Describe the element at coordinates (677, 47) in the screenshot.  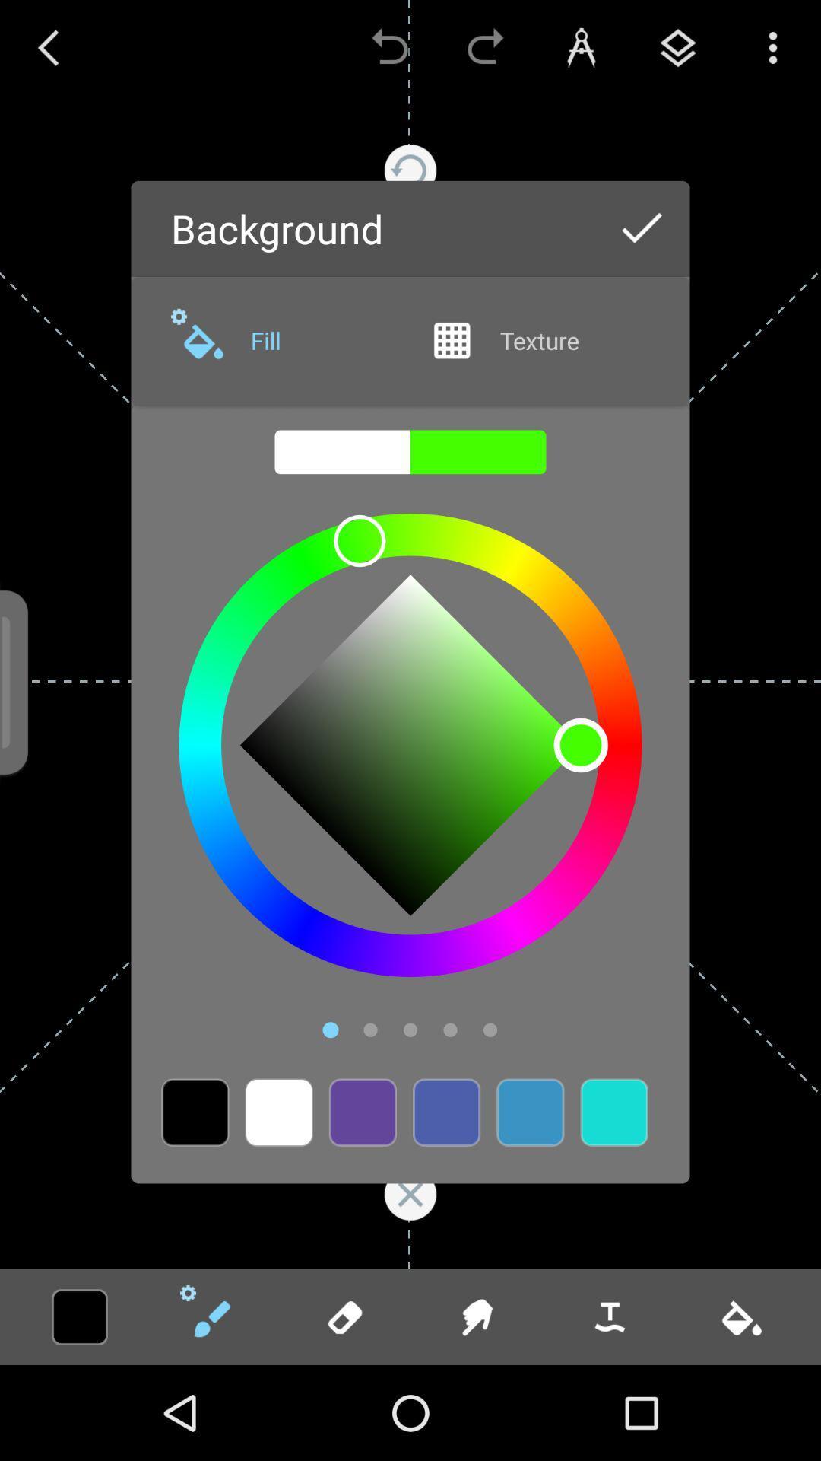
I see `the layers icon` at that location.